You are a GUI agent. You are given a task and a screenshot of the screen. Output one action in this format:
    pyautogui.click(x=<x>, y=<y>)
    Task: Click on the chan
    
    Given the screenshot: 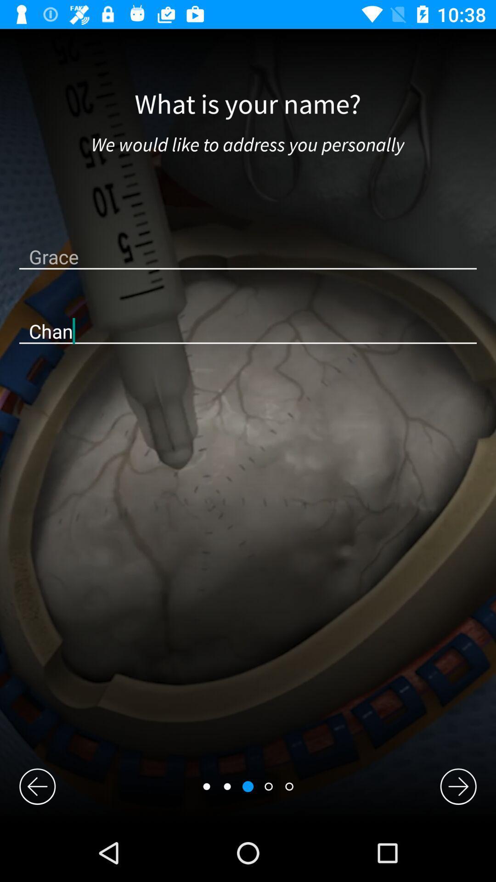 What is the action you would take?
    pyautogui.click(x=248, y=331)
    